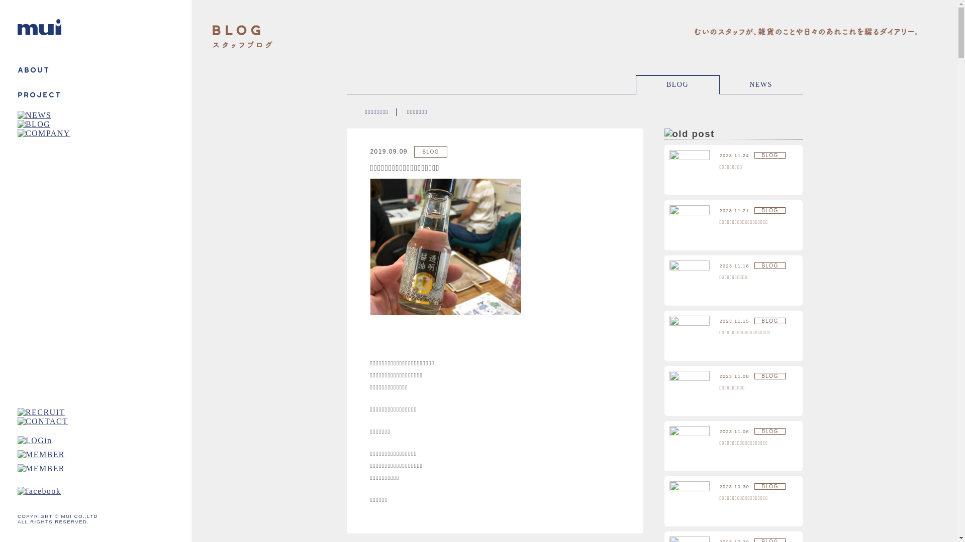 The height and width of the screenshot is (542, 965). I want to click on 'NEWS', so click(761, 84).